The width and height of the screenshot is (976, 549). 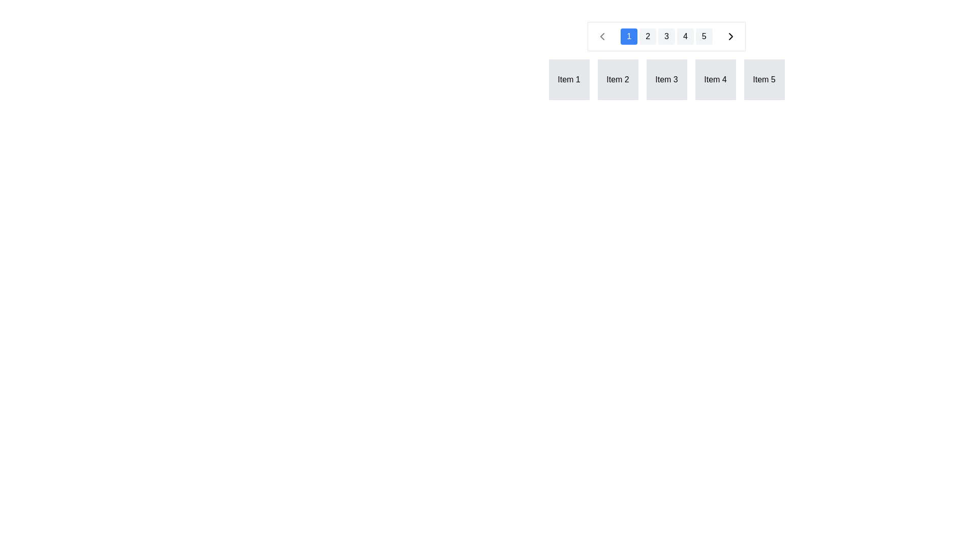 What do you see at coordinates (685, 36) in the screenshot?
I see `the button labeled '4', which is a rectangular button with rounded corners and a light gray background, to change its color` at bounding box center [685, 36].